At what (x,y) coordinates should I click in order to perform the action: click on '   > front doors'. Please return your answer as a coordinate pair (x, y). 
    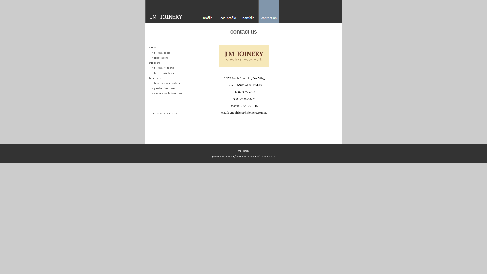
    Looking at the image, I should click on (169, 57).